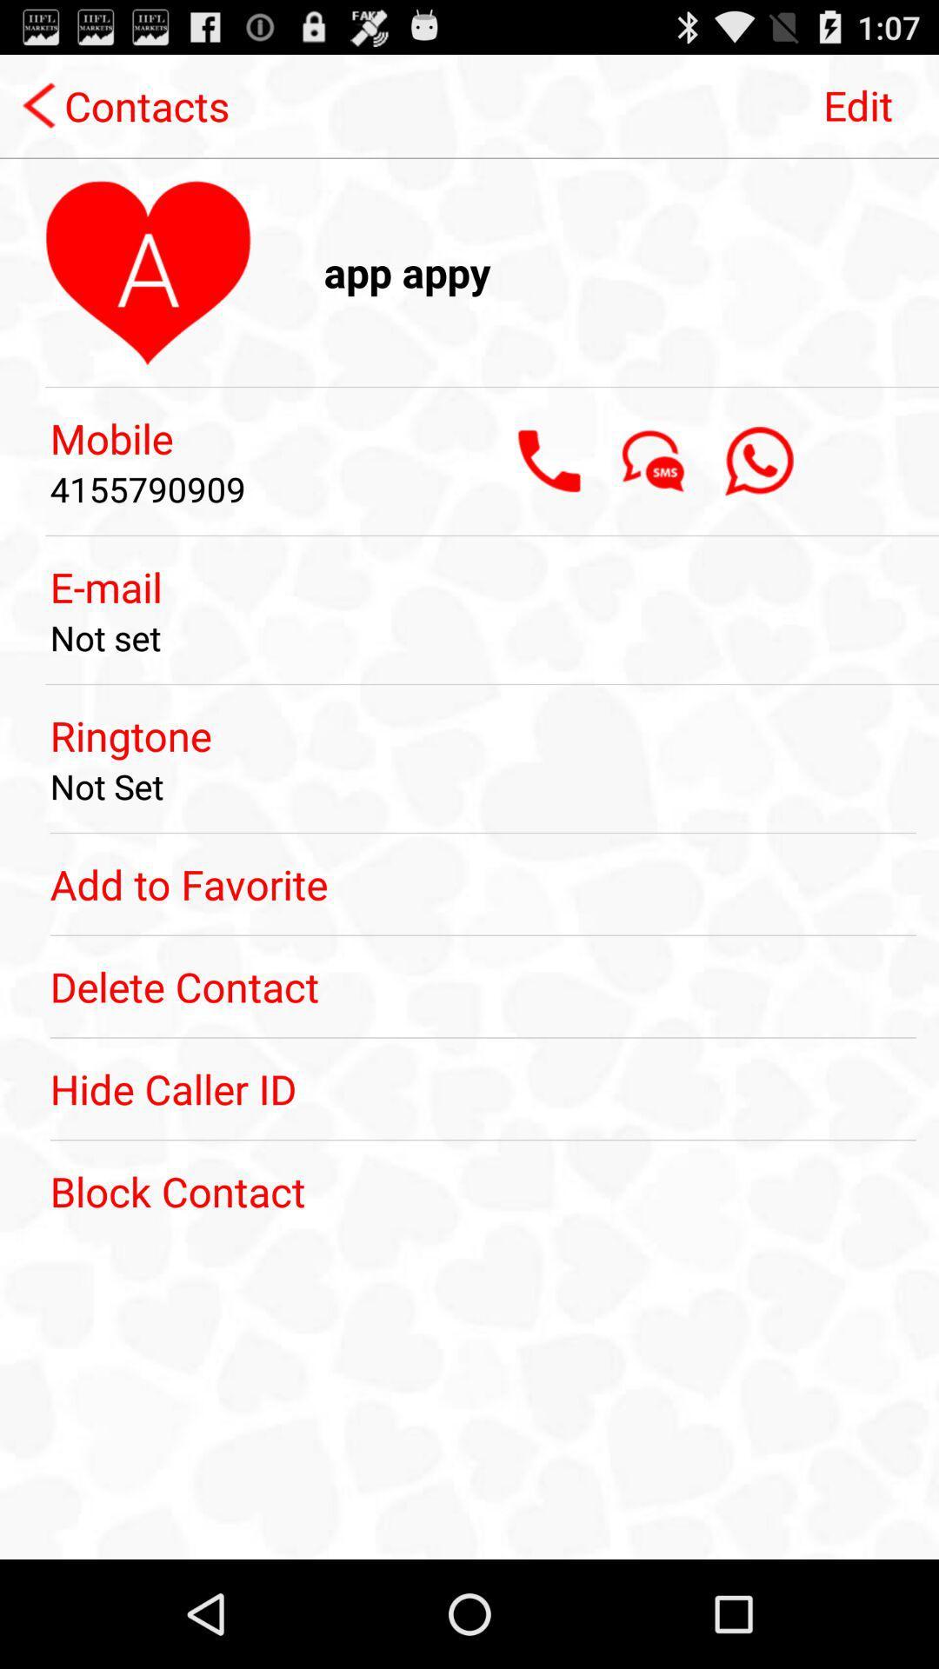 This screenshot has height=1669, width=939. I want to click on call number button, so click(549, 461).